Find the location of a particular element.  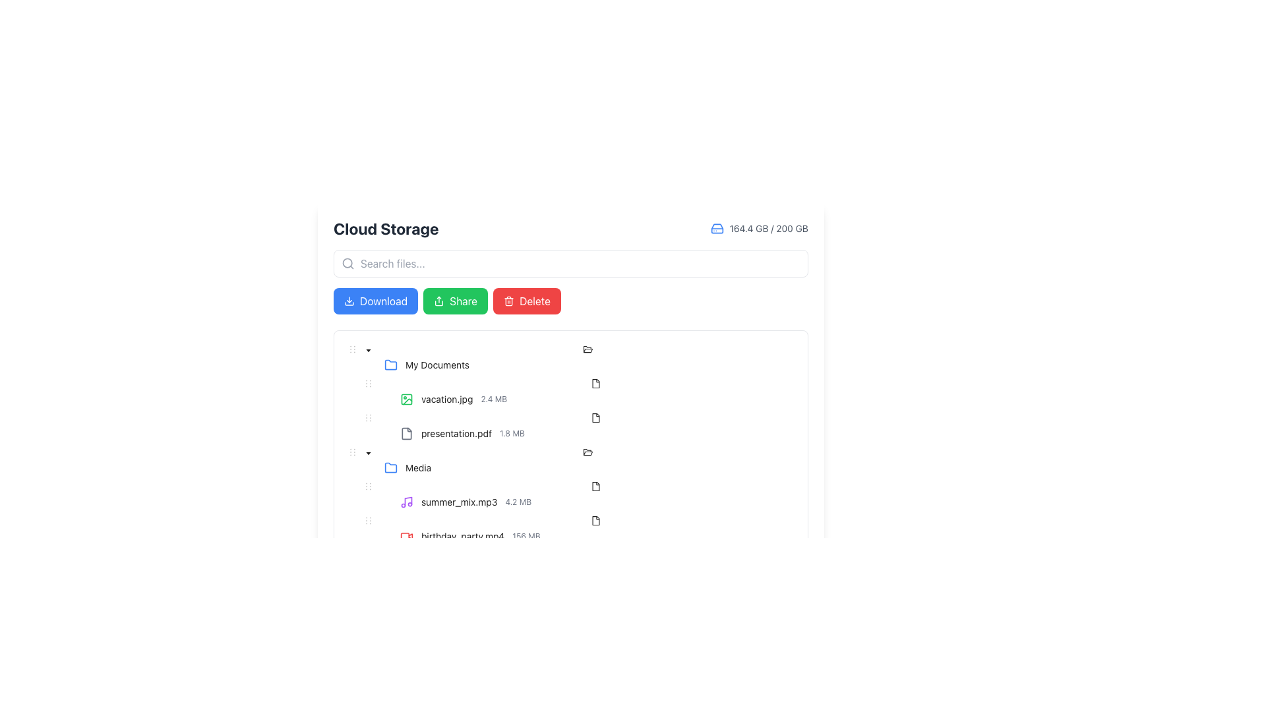

the indentation marker for the tree node 'summer_mix.mp3 4.2 MB', which visually indicates its hierarchical position in the tree structure is located at coordinates (352, 494).